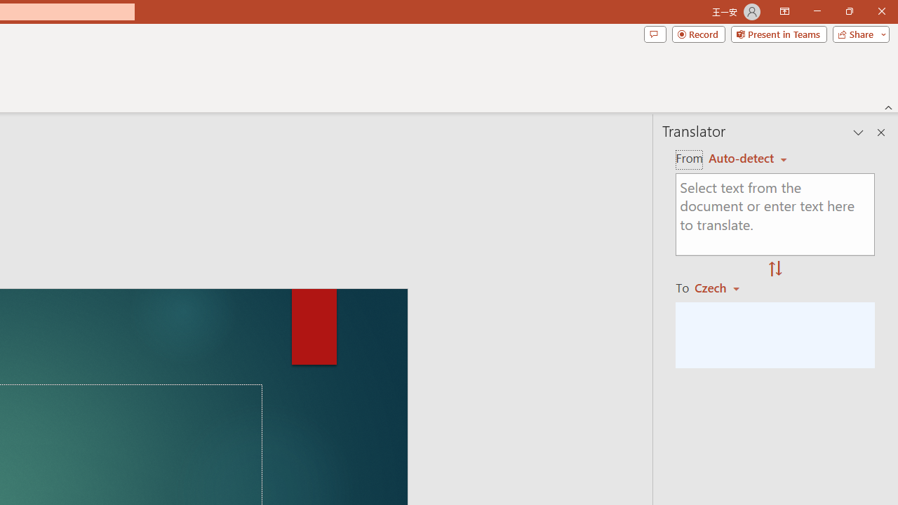  What do you see at coordinates (775, 269) in the screenshot?
I see `'Swap "from" and "to" languages.'` at bounding box center [775, 269].